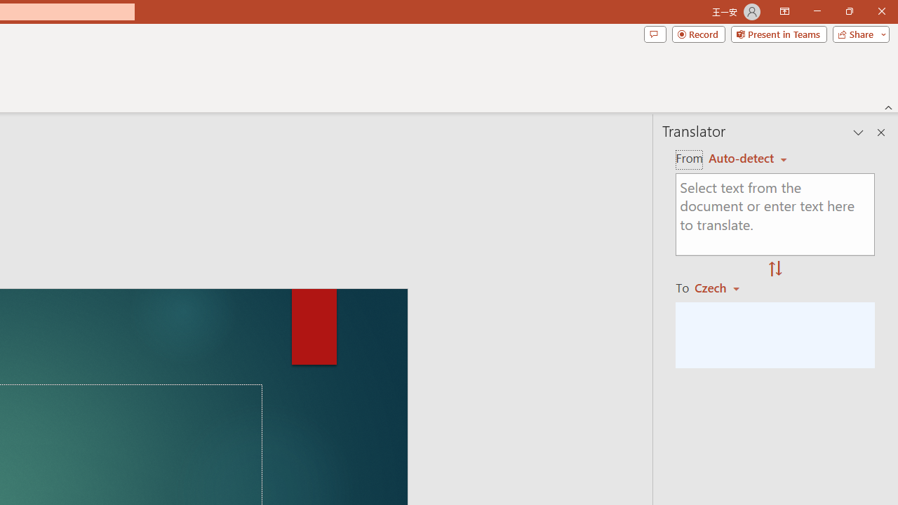  What do you see at coordinates (775, 269) in the screenshot?
I see `'Swap "from" and "to" languages.'` at bounding box center [775, 269].